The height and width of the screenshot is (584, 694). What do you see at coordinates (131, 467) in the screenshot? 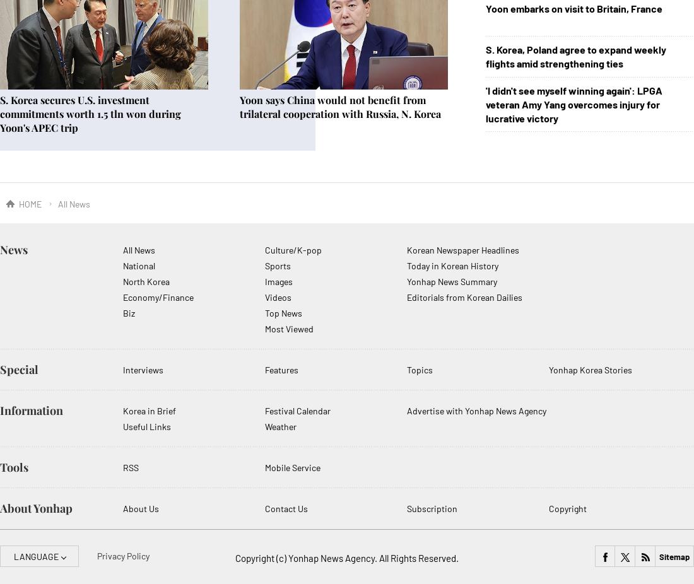
I see `'RSS'` at bounding box center [131, 467].